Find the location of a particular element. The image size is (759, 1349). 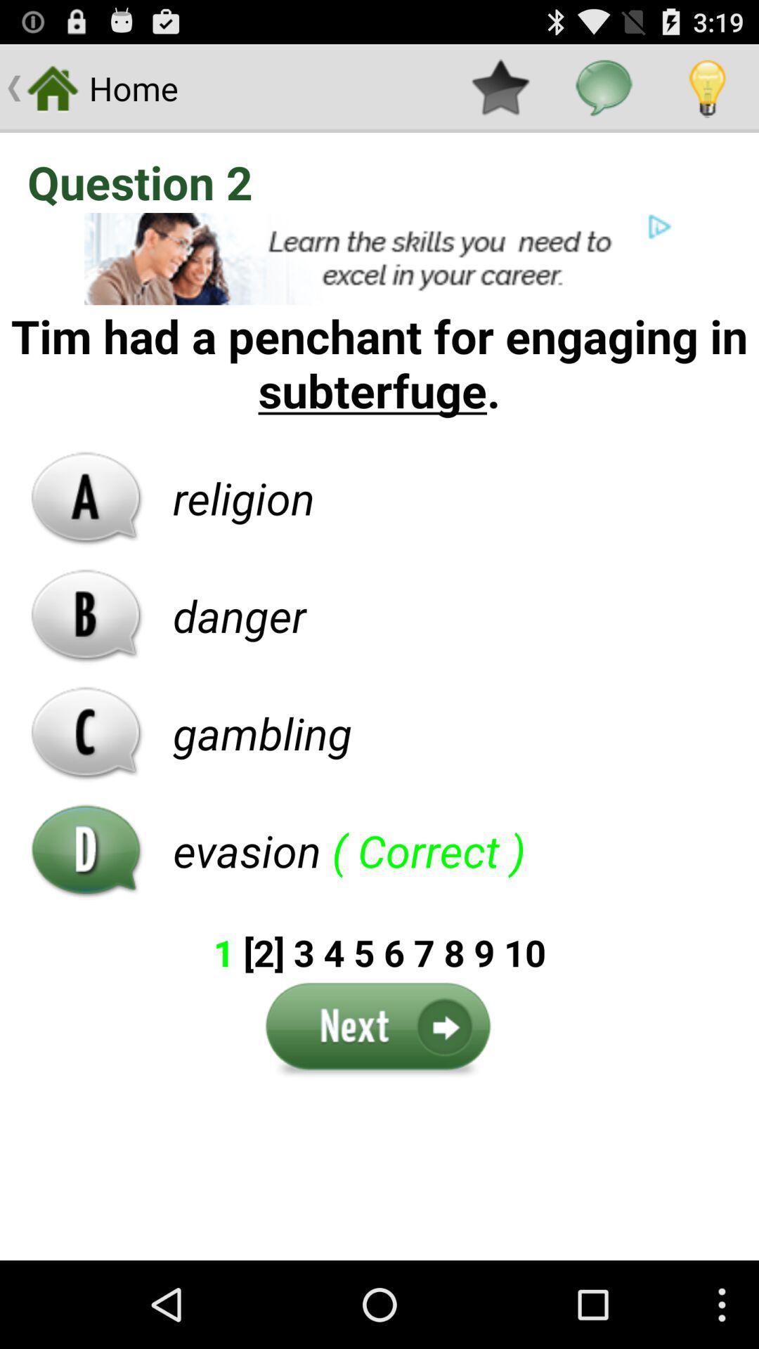

the icon below question 2 item is located at coordinates (379, 259).